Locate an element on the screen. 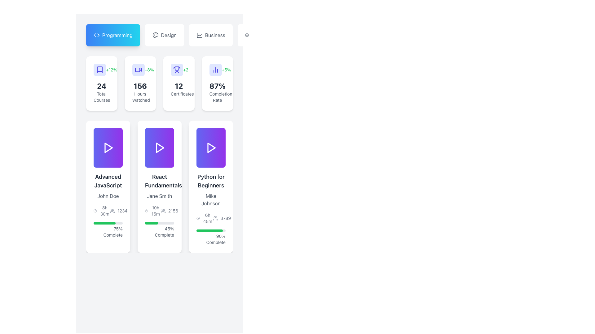 The image size is (595, 334). the text label displaying 'Python for Beginners', which is bold and dark gray, located in the third course card at the top-center position is located at coordinates (211, 181).